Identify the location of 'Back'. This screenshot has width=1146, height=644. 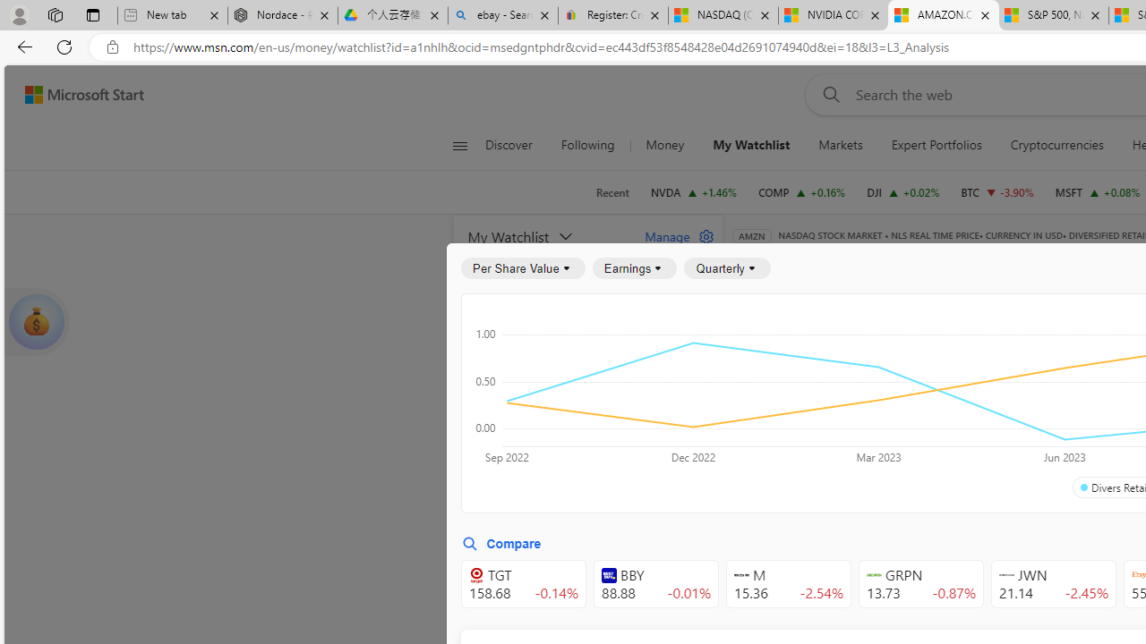
(21, 46).